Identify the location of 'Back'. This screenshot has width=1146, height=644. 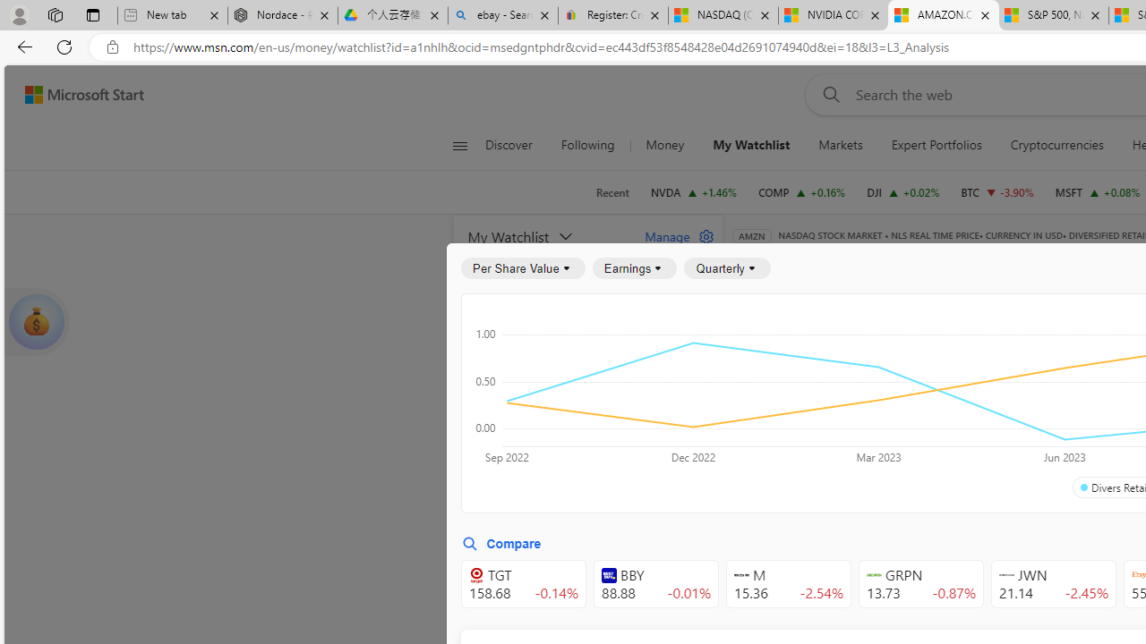
(21, 46).